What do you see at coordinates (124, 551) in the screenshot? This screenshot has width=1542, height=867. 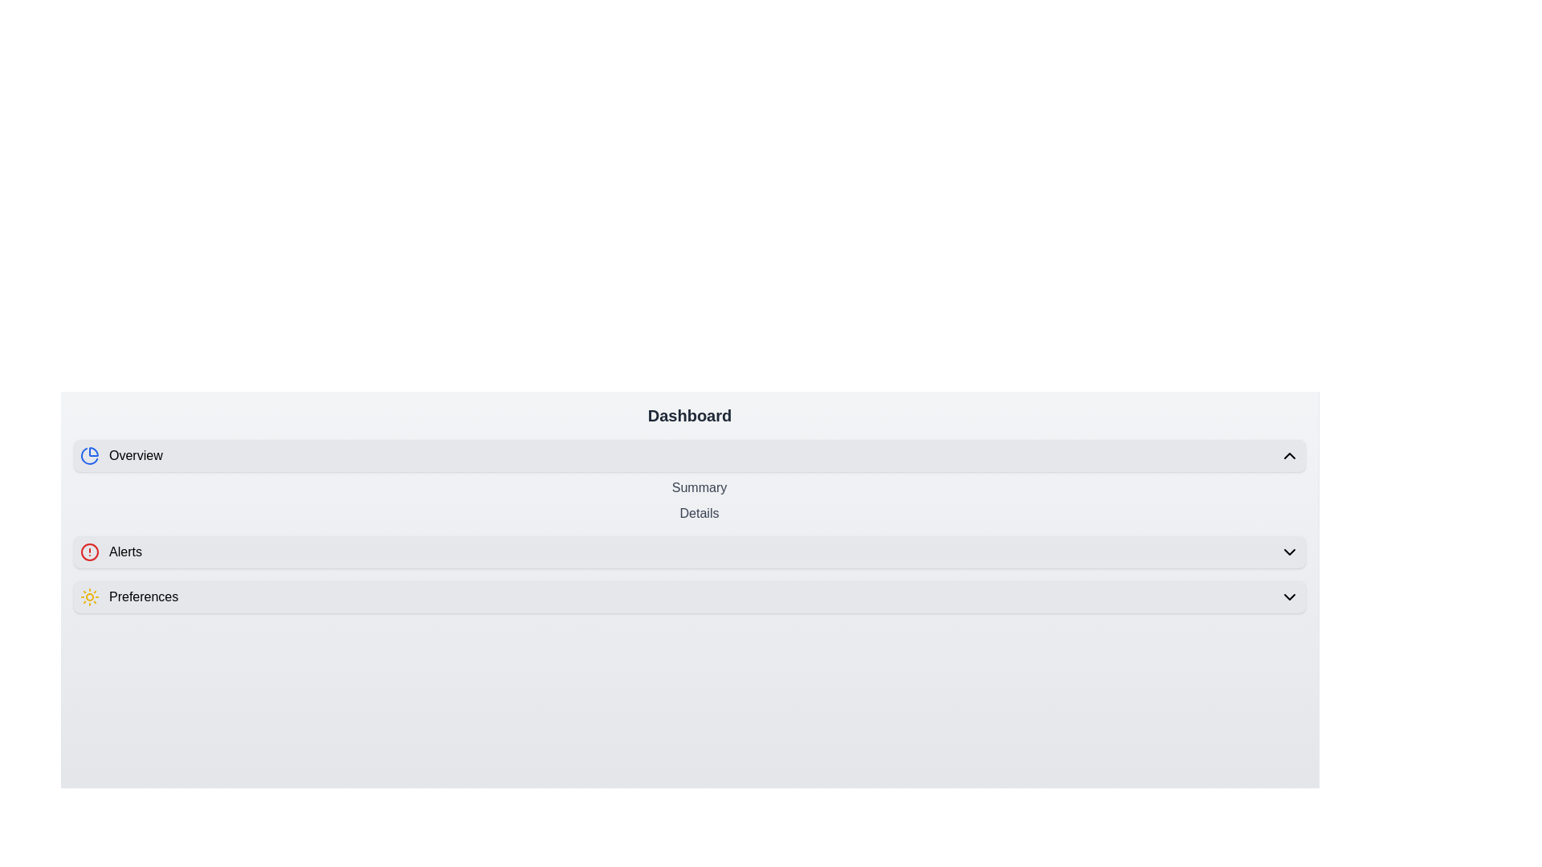 I see `the 'Alerts' label, which is the second item in the vertical options list, styled with medium-weight font and located next to a red circular alert icon` at bounding box center [124, 551].